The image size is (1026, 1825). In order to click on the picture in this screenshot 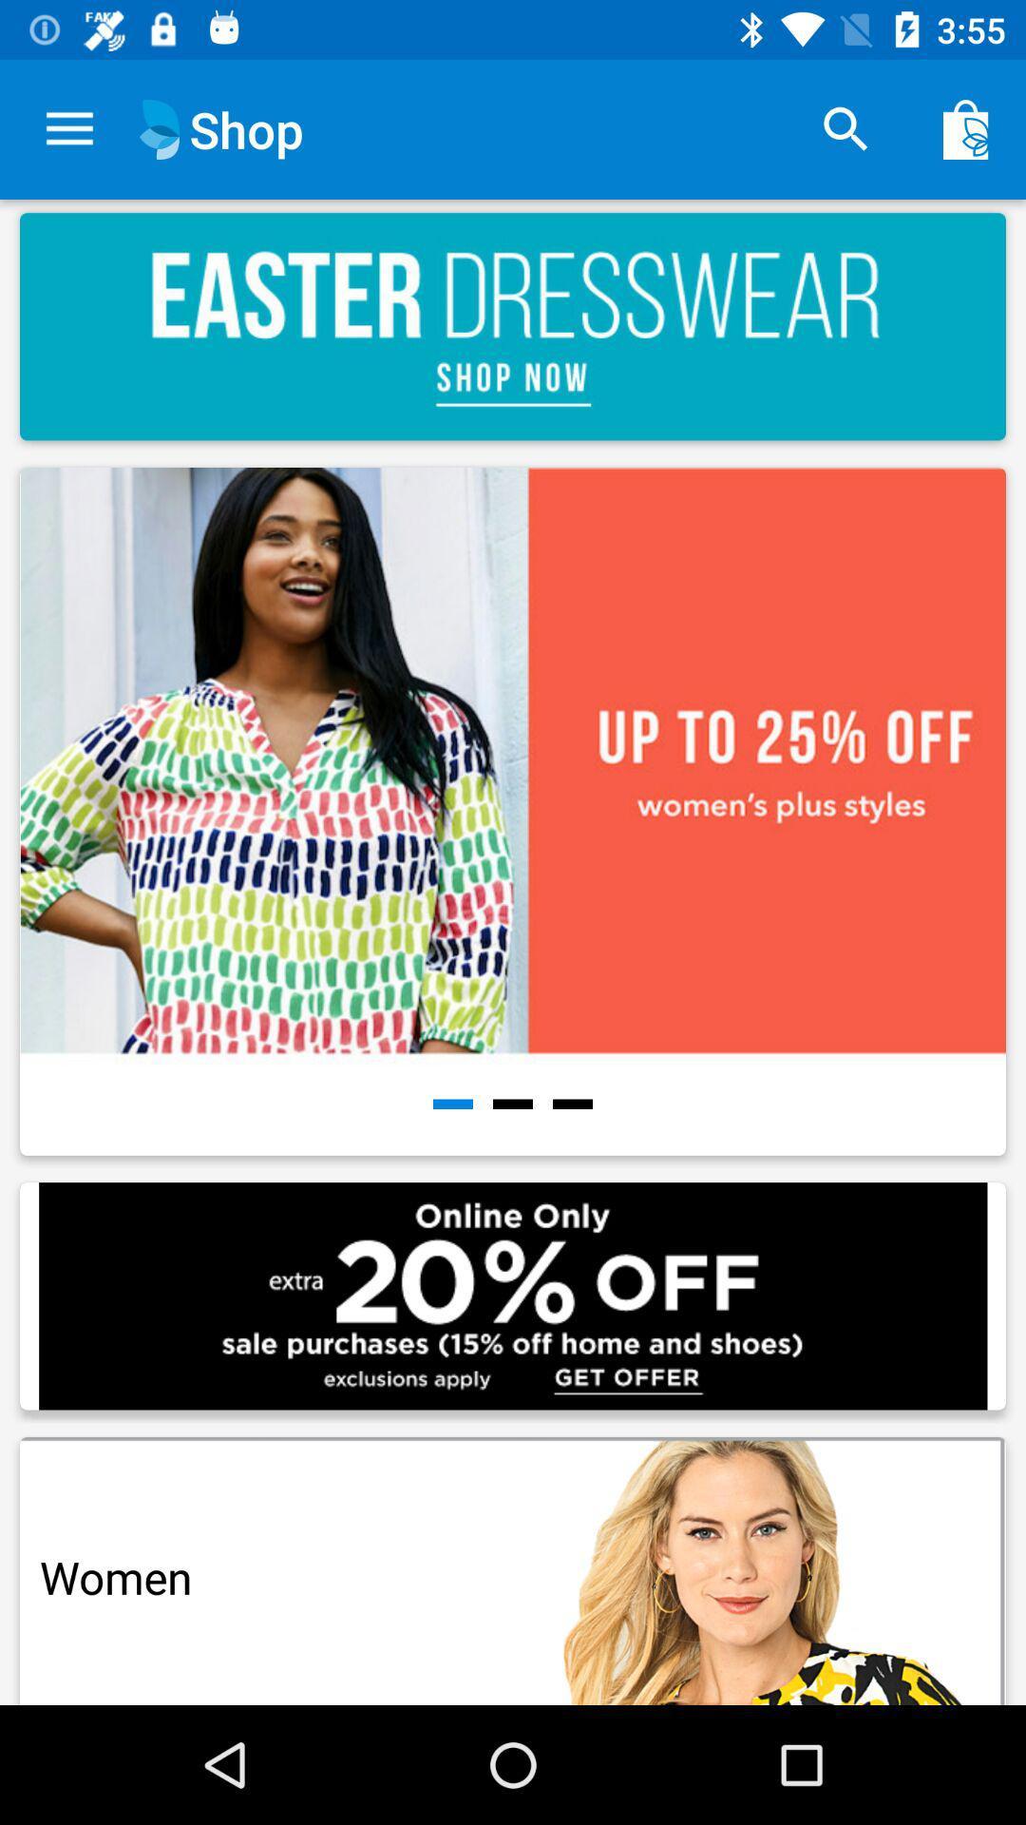, I will do `click(518, 817)`.